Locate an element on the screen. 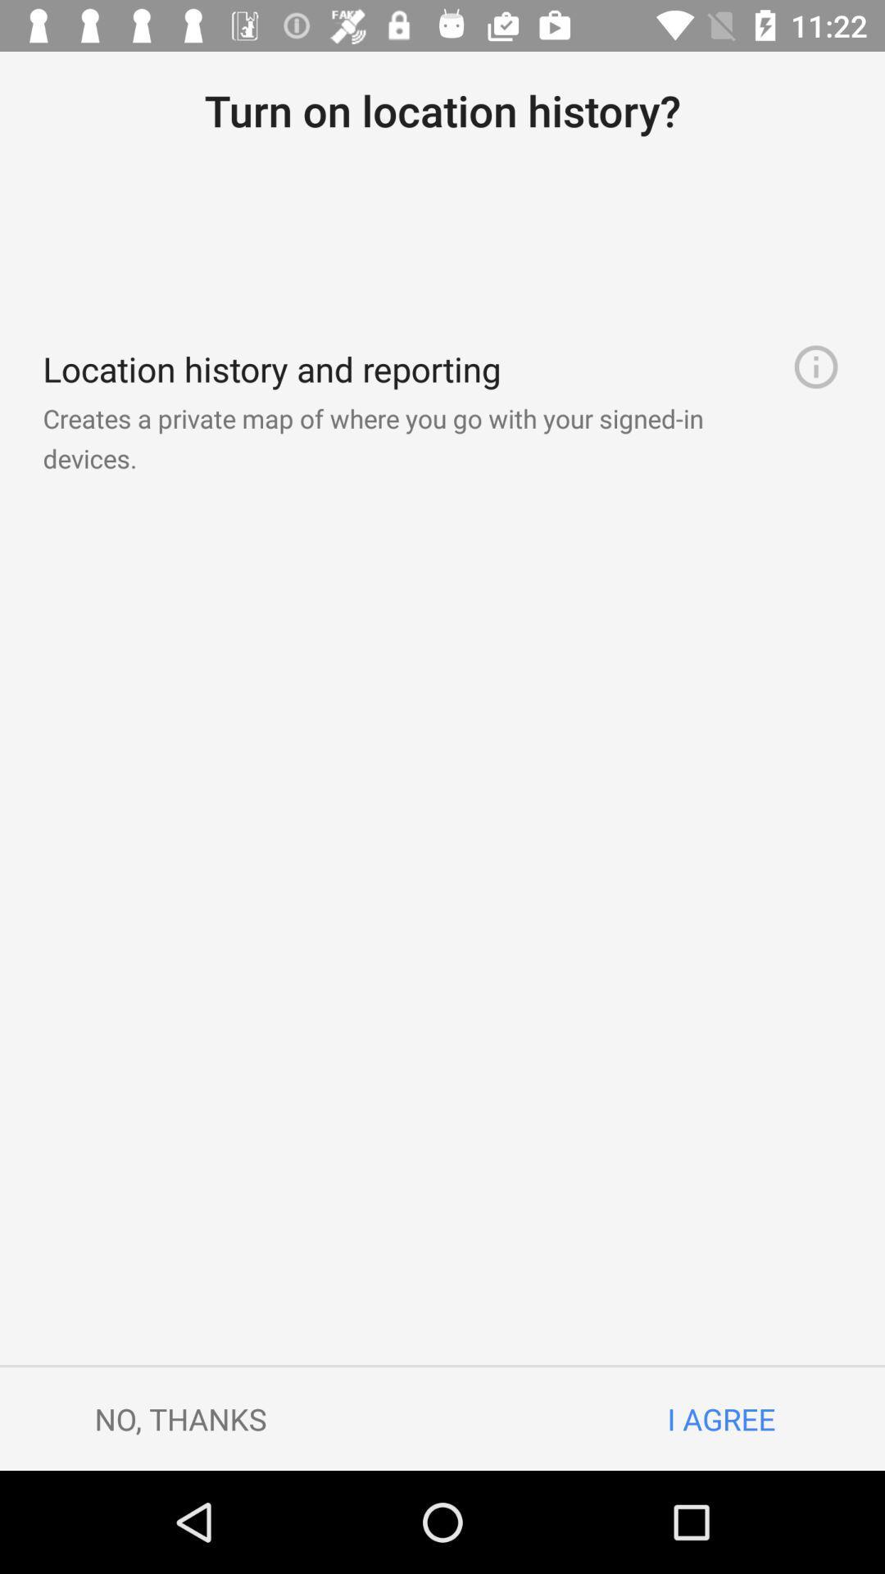  icon at the top right corner is located at coordinates (815, 366).